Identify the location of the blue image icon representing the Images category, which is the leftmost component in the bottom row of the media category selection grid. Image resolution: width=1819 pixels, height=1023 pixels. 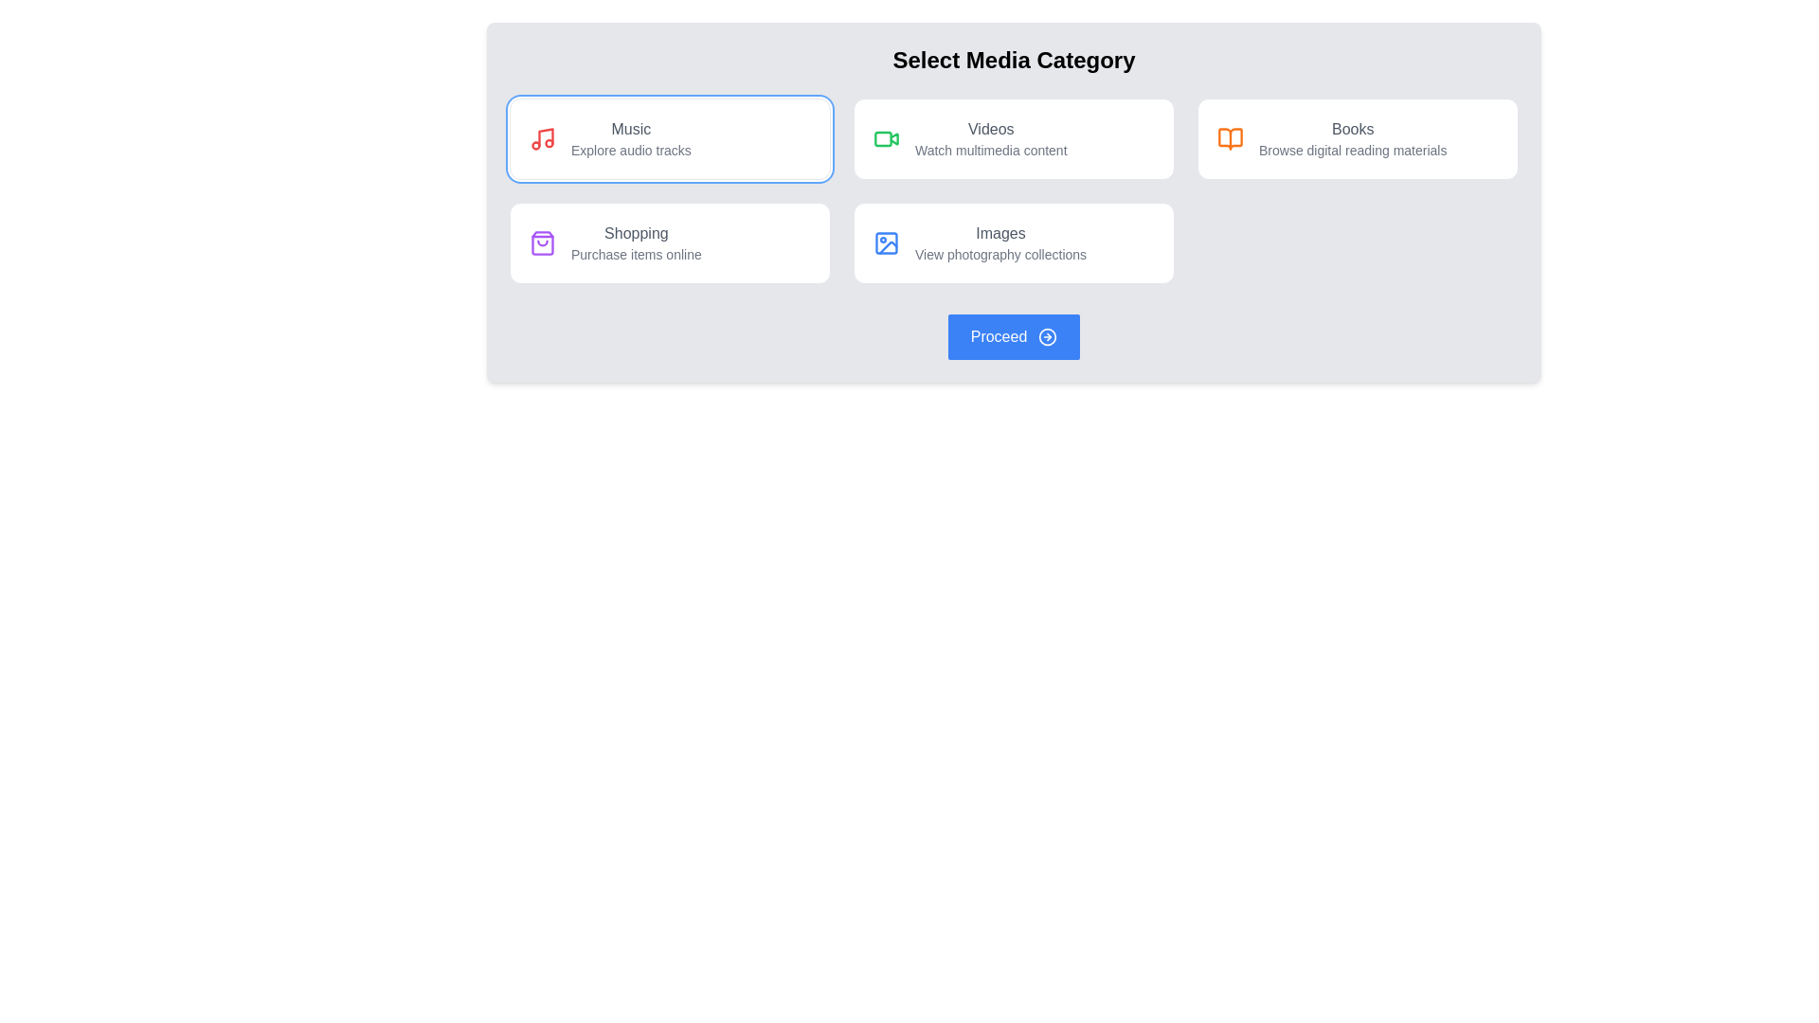
(886, 242).